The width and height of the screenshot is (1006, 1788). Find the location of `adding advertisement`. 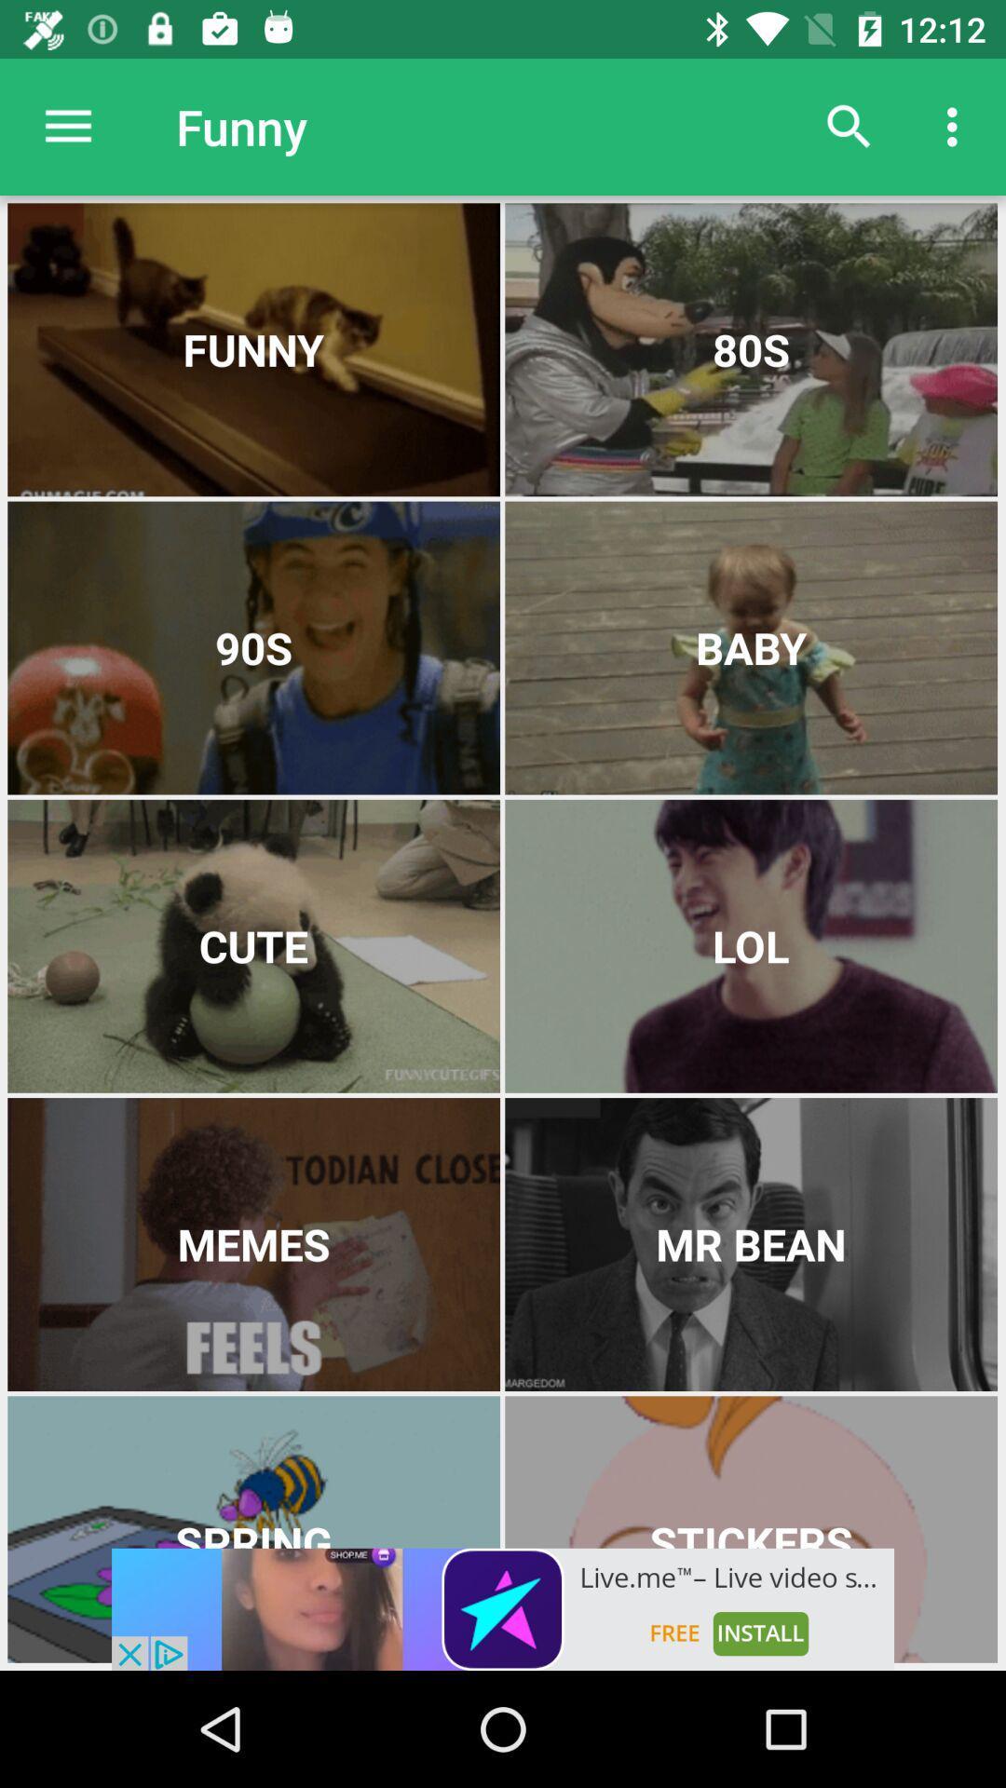

adding advertisement is located at coordinates (503, 1608).